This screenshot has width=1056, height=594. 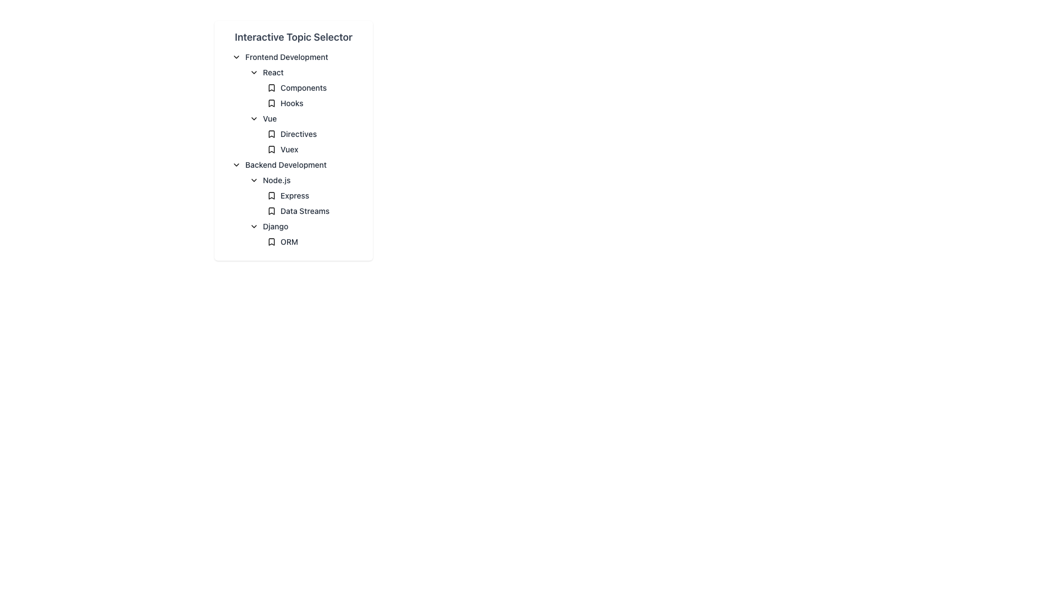 What do you see at coordinates (311, 95) in the screenshot?
I see `the List item labeled 'Components' and 'Hooks' in the React category of the Interactive Topic Selector` at bounding box center [311, 95].